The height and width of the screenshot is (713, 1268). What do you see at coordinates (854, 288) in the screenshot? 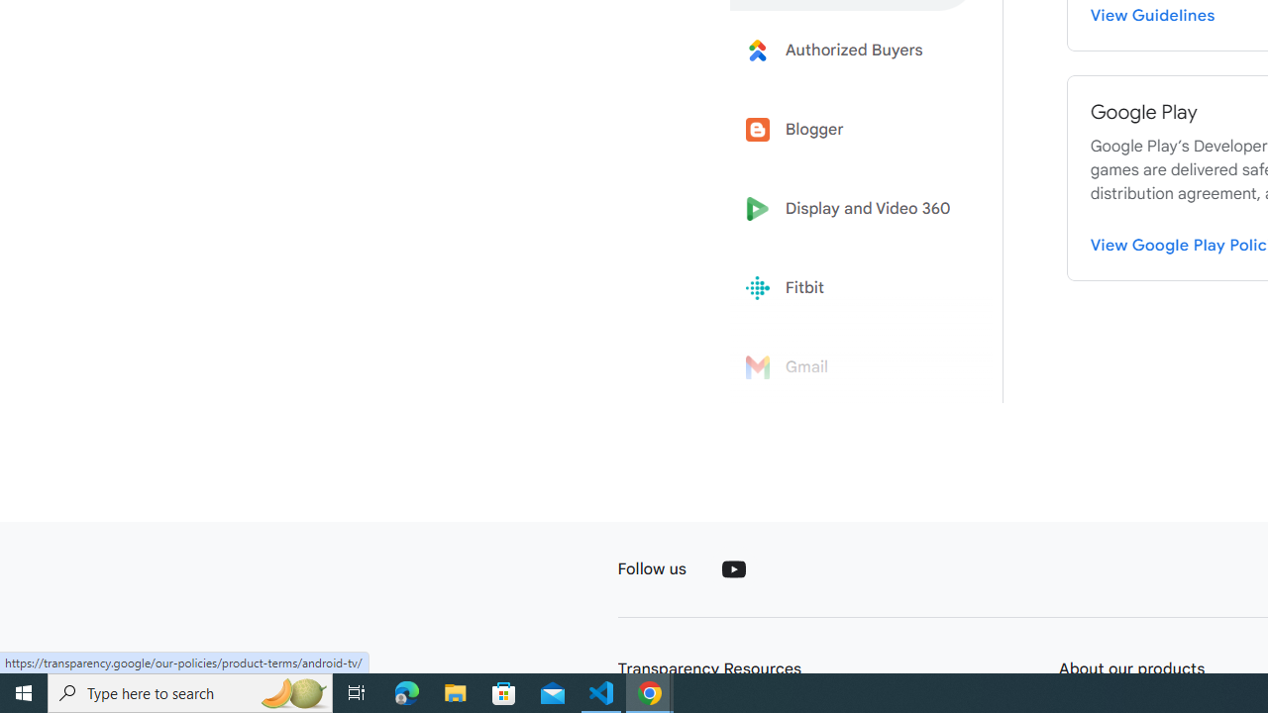
I see `'Fitbit'` at bounding box center [854, 288].